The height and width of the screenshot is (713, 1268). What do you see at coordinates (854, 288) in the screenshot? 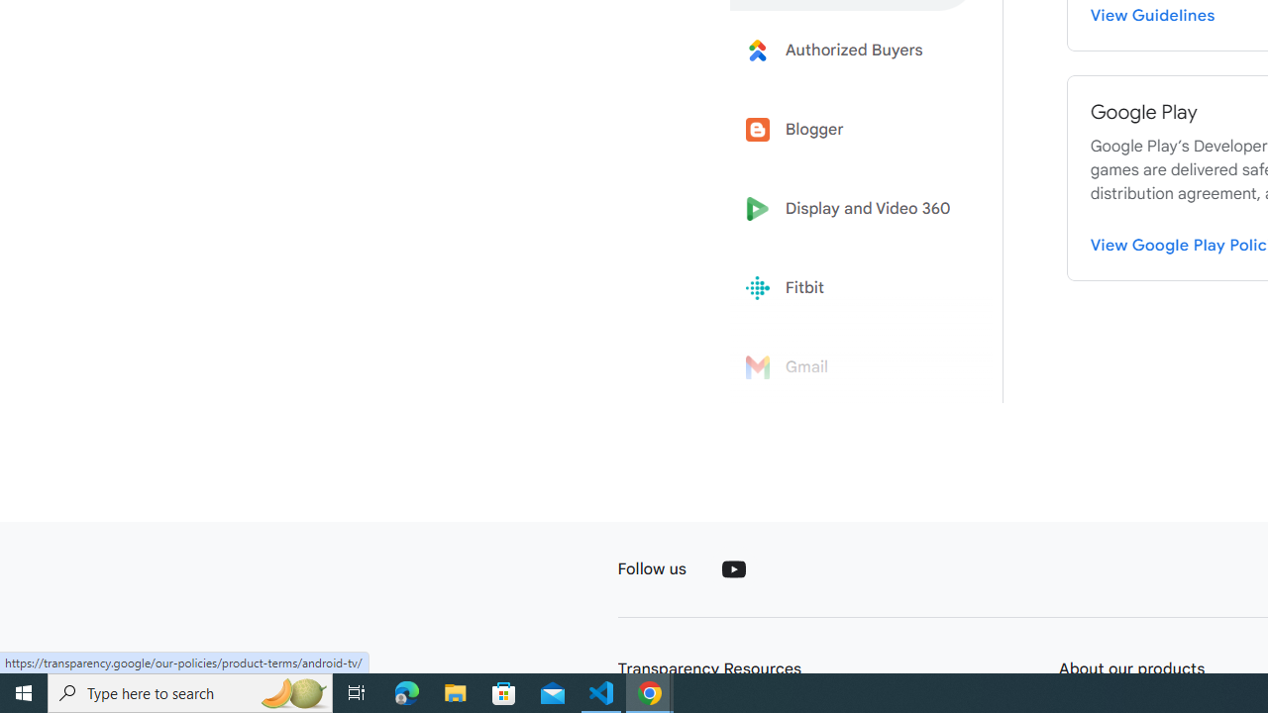
I see `'Fitbit'` at bounding box center [854, 288].